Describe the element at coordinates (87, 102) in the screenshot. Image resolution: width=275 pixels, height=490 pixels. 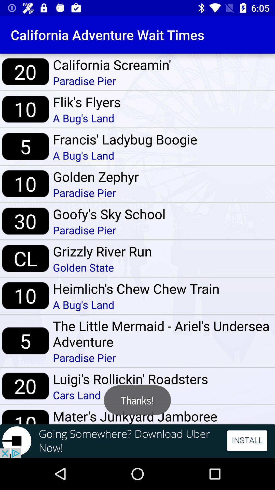
I see `flik's flyers icon` at that location.